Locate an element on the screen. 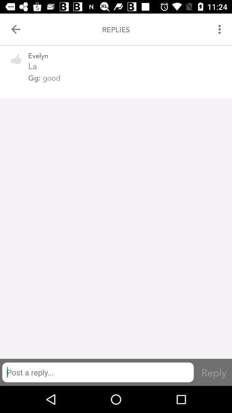 Image resolution: width=232 pixels, height=413 pixels. icon at the top right corner is located at coordinates (220, 29).